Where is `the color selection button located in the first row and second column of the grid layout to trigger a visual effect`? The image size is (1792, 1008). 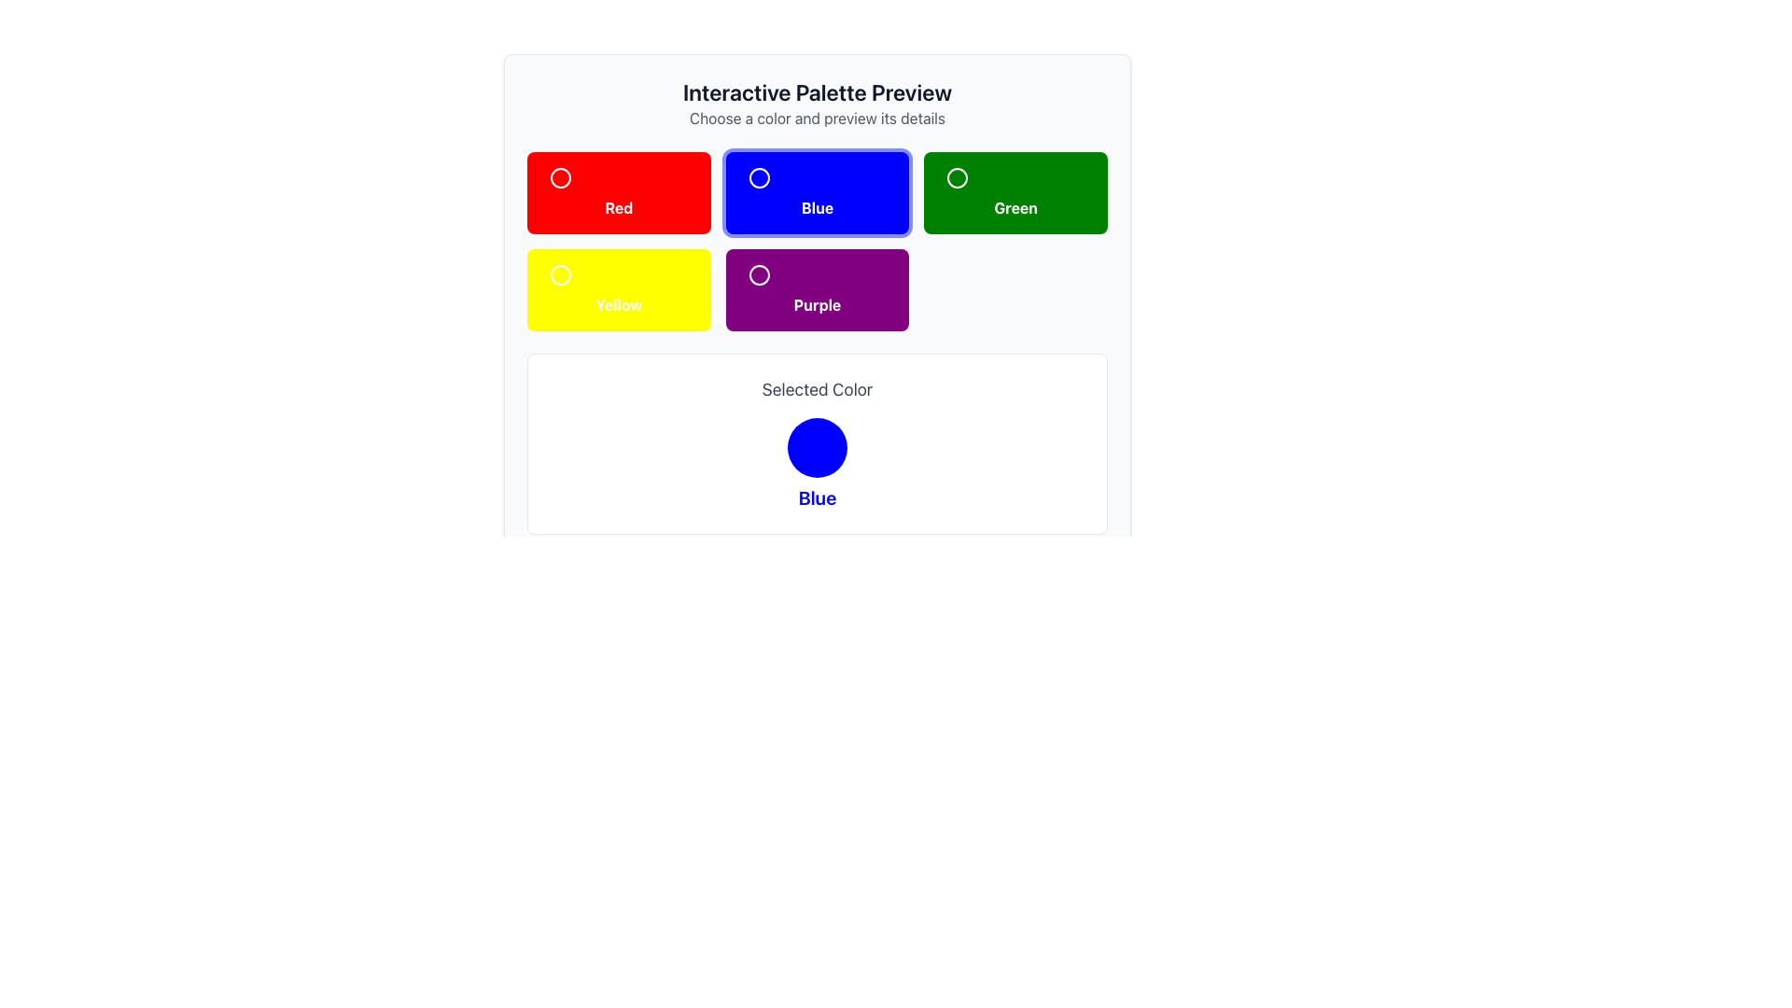
the color selection button located in the first row and second column of the grid layout to trigger a visual effect is located at coordinates (817, 193).